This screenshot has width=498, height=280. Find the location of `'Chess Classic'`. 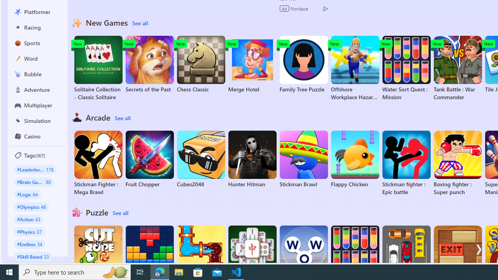

'Chess Classic' is located at coordinates (201, 64).